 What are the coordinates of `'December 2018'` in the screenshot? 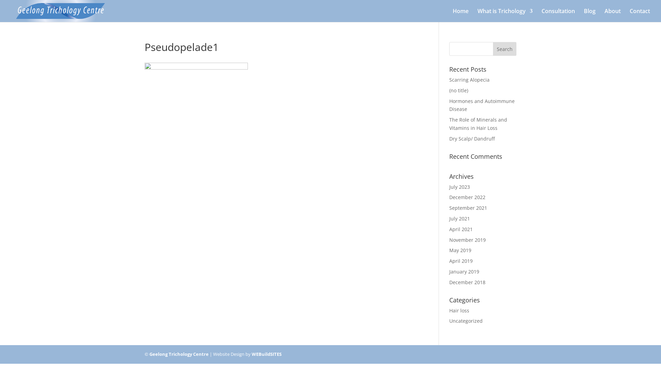 It's located at (467, 282).